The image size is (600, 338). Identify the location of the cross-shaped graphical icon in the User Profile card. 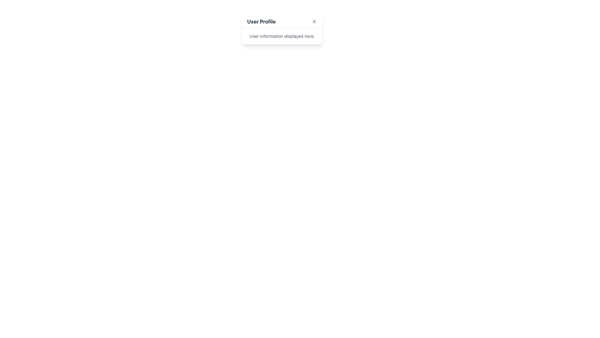
(314, 21).